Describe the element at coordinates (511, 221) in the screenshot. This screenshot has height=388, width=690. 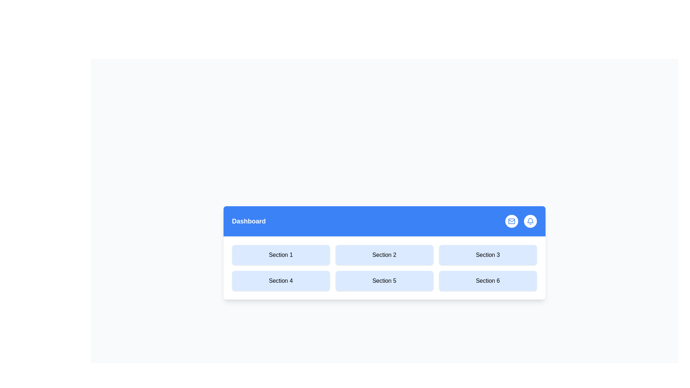
I see `the circular button with a white background and blue email icon located in the top-right area of a rectangular blue bar` at that location.